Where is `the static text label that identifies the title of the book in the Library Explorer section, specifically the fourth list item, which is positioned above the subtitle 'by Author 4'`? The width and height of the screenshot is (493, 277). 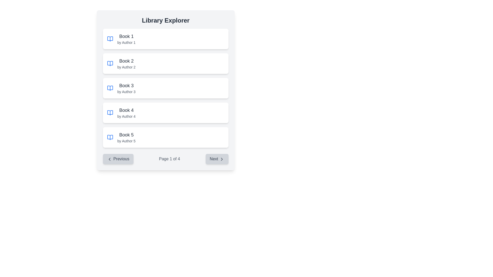 the static text label that identifies the title of the book in the Library Explorer section, specifically the fourth list item, which is positioned above the subtitle 'by Author 4' is located at coordinates (126, 110).